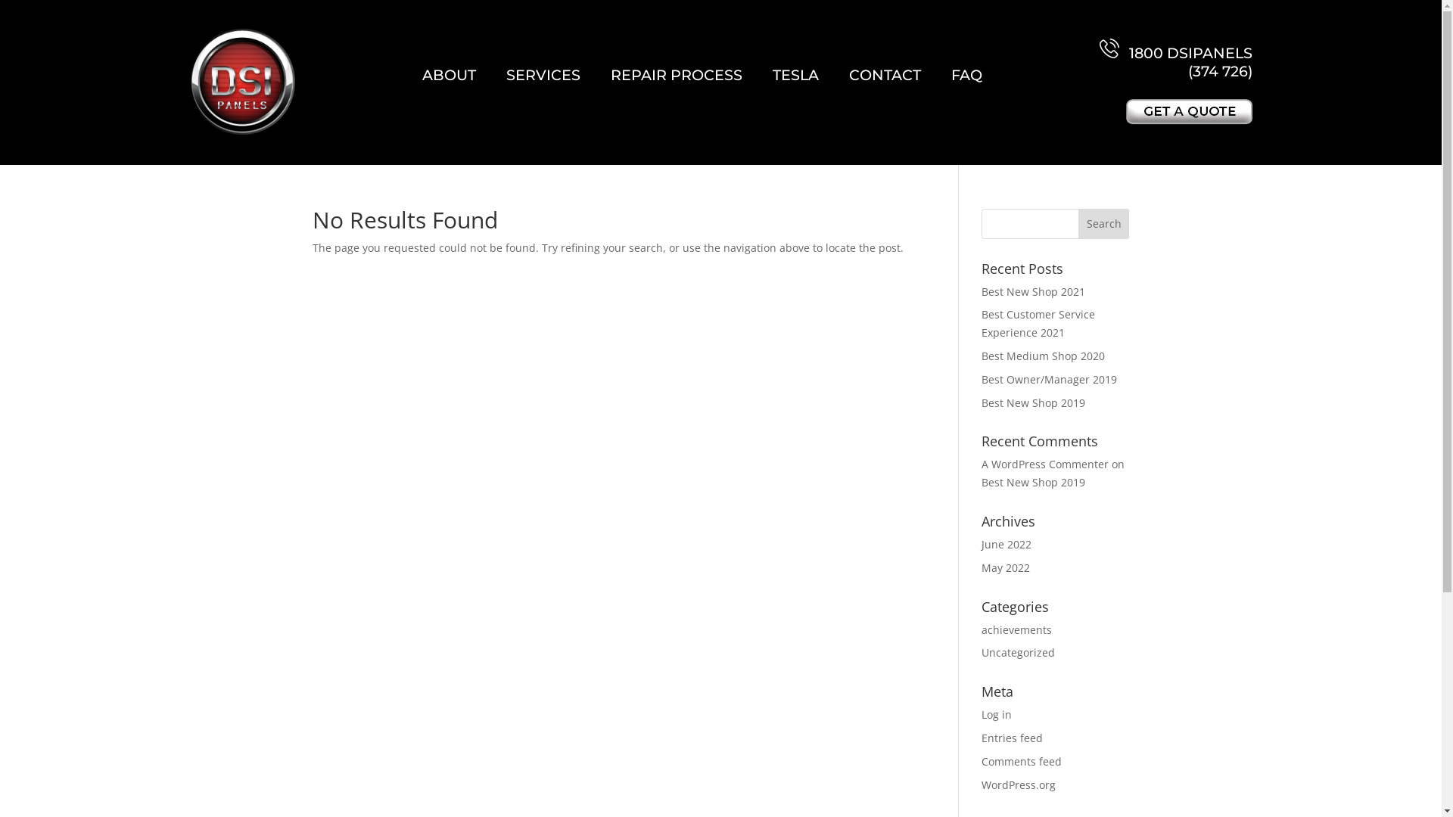  Describe the element at coordinates (1104, 224) in the screenshot. I see `'Search'` at that location.